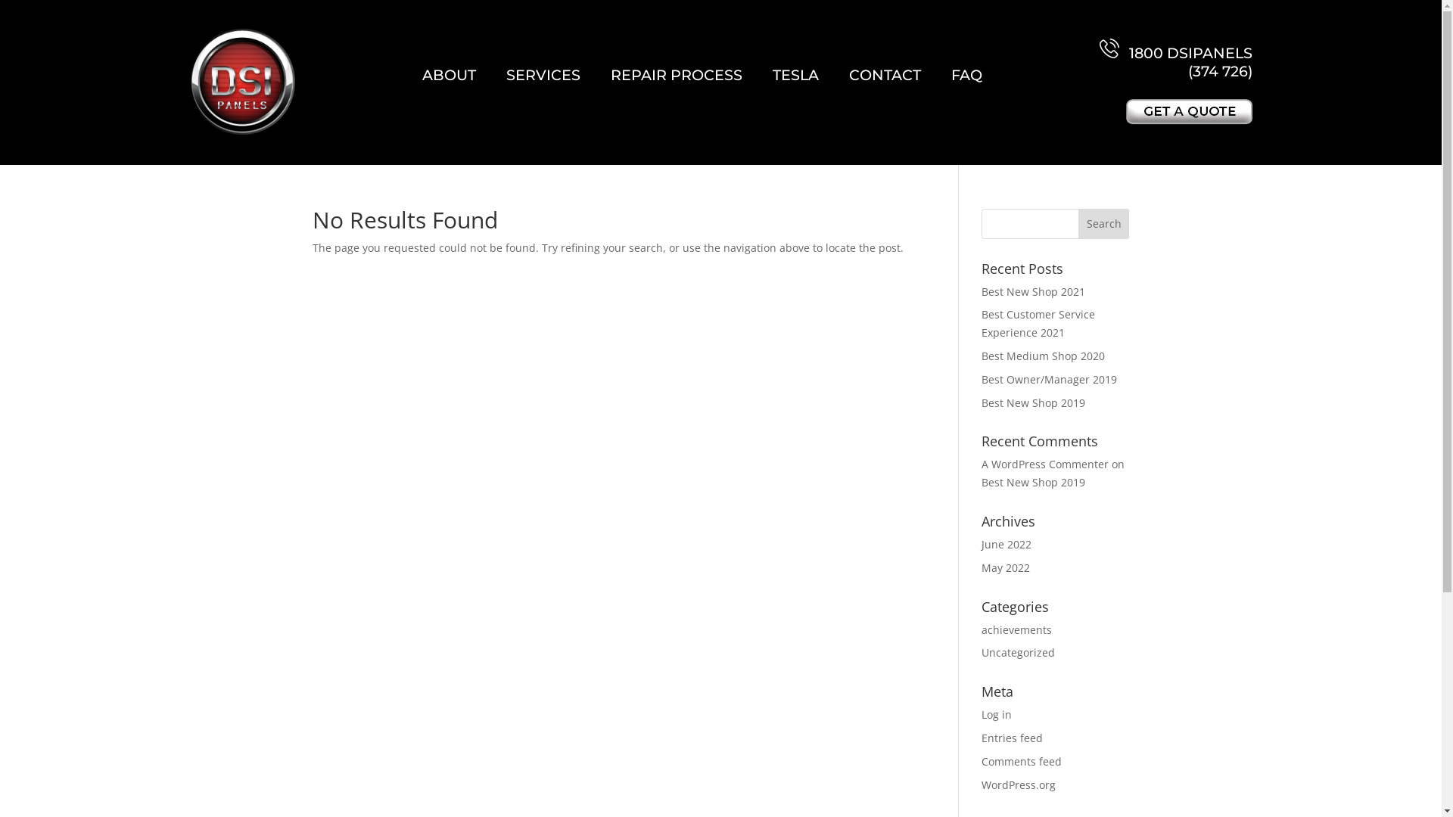  Describe the element at coordinates (1104, 224) in the screenshot. I see `'Search'` at that location.